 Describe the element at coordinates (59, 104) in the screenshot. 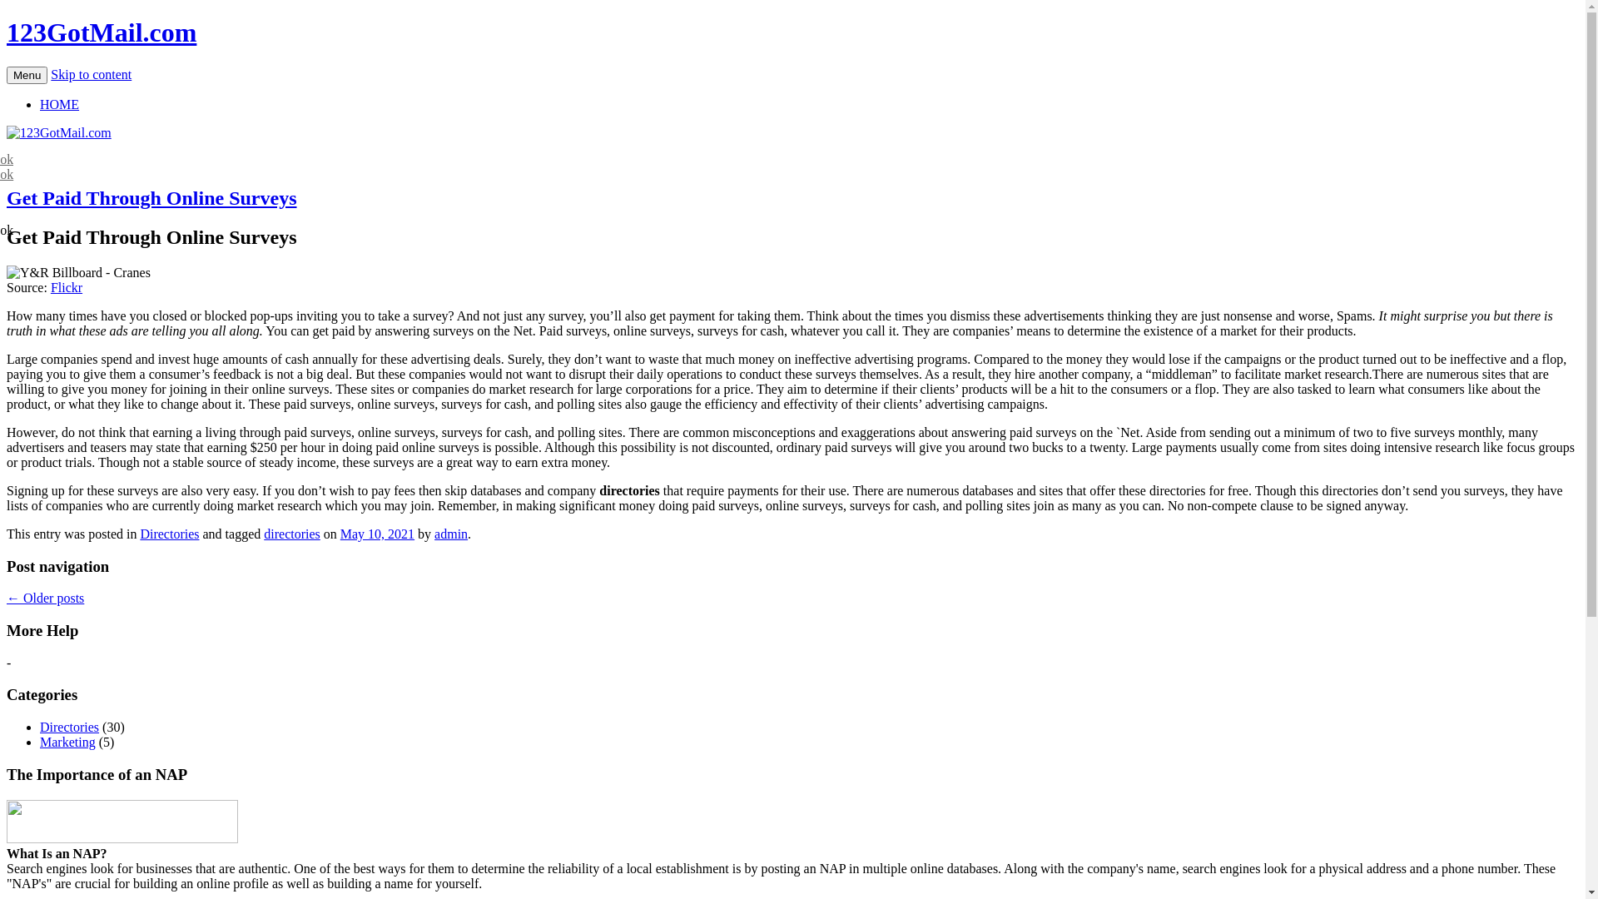

I see `'HOME'` at that location.